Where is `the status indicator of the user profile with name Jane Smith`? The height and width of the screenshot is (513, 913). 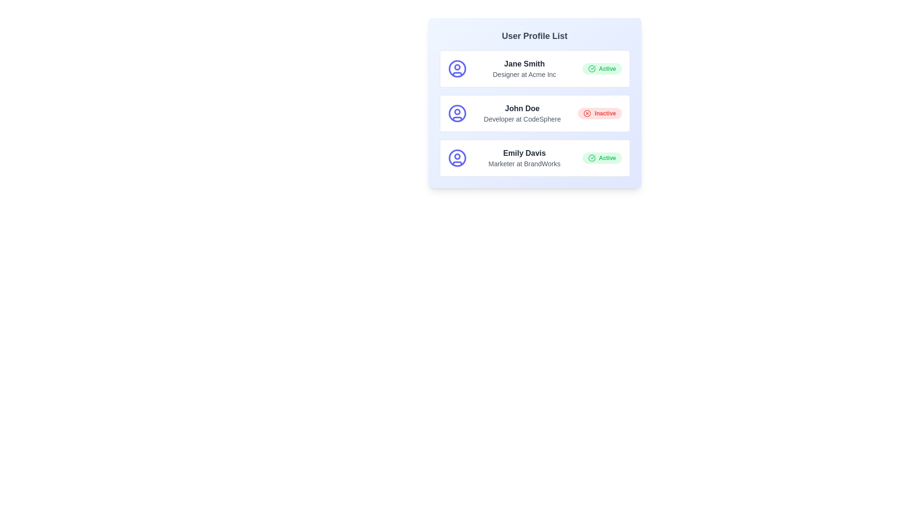 the status indicator of the user profile with name Jane Smith is located at coordinates (602, 68).